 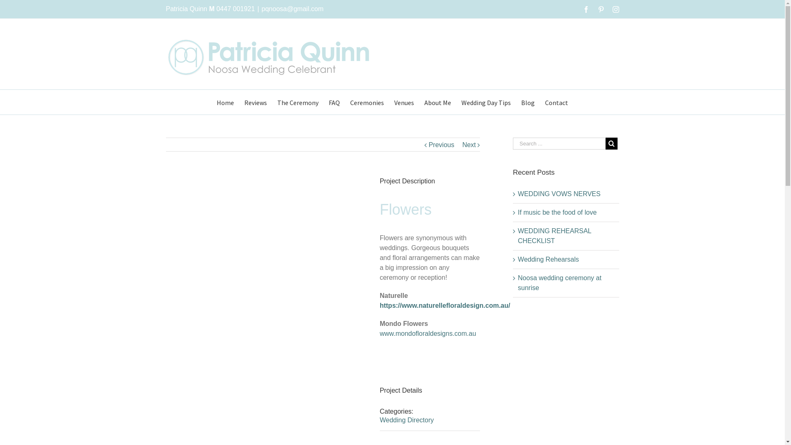 What do you see at coordinates (554, 236) in the screenshot?
I see `'WEDDING REHEARSAL CHECKLIST'` at bounding box center [554, 236].